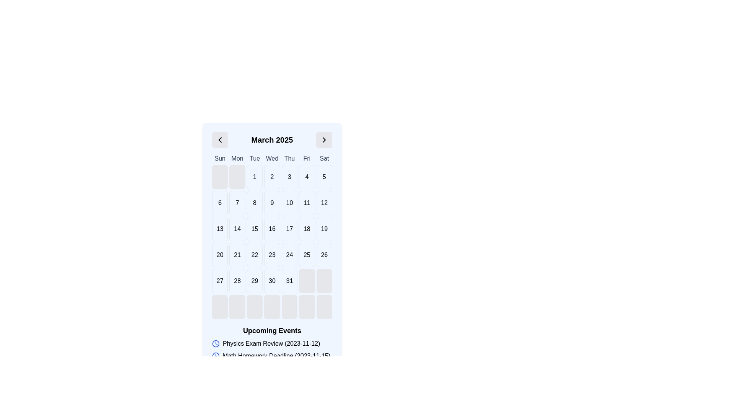  What do you see at coordinates (307, 203) in the screenshot?
I see `the interactive calendar day cell representing the 11th day of the month` at bounding box center [307, 203].